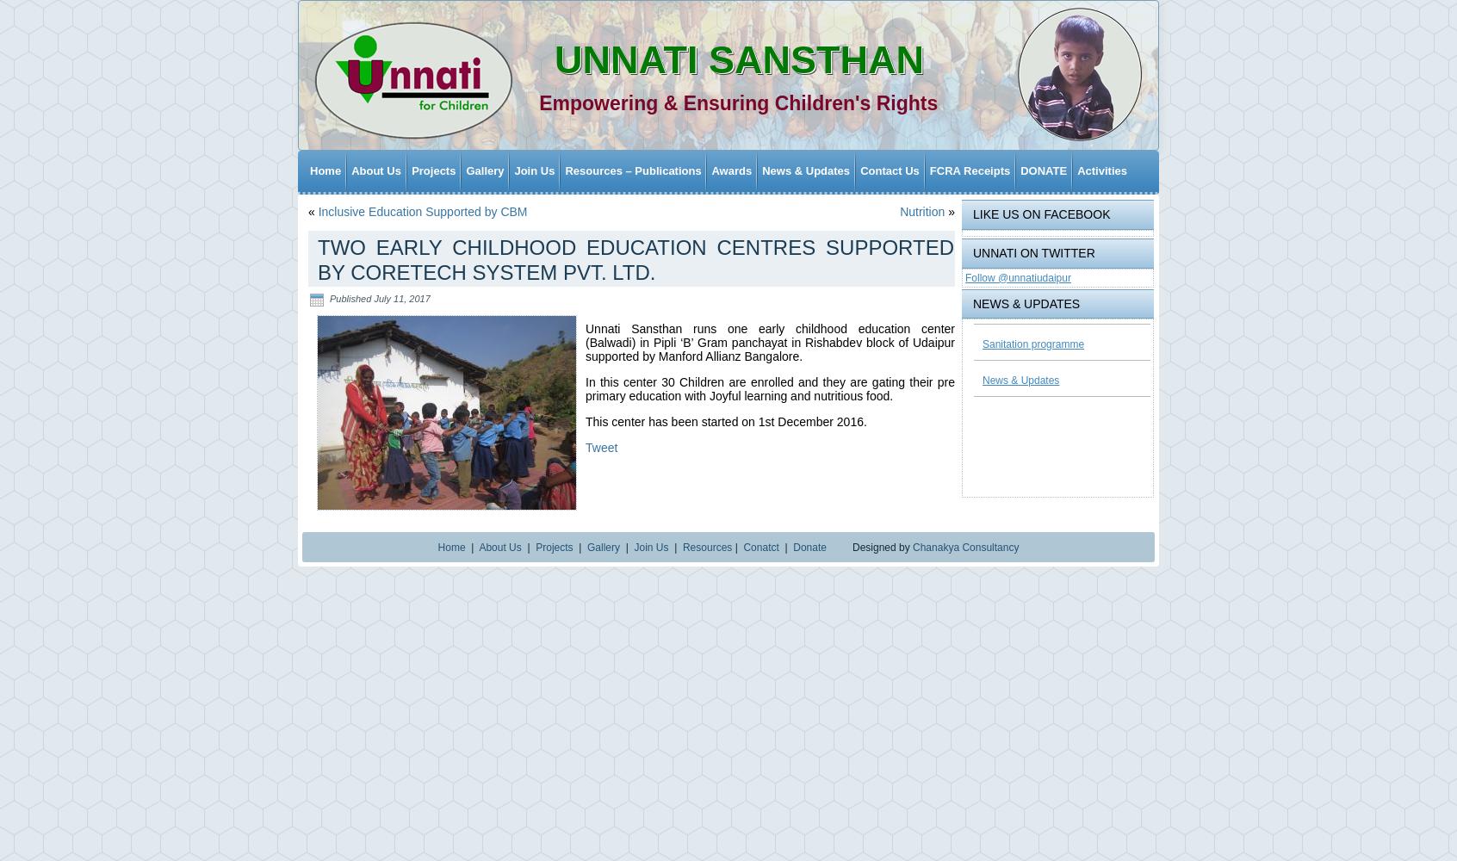 This screenshot has height=861, width=1457. What do you see at coordinates (543, 171) in the screenshot?
I see `'Programme Gallery'` at bounding box center [543, 171].